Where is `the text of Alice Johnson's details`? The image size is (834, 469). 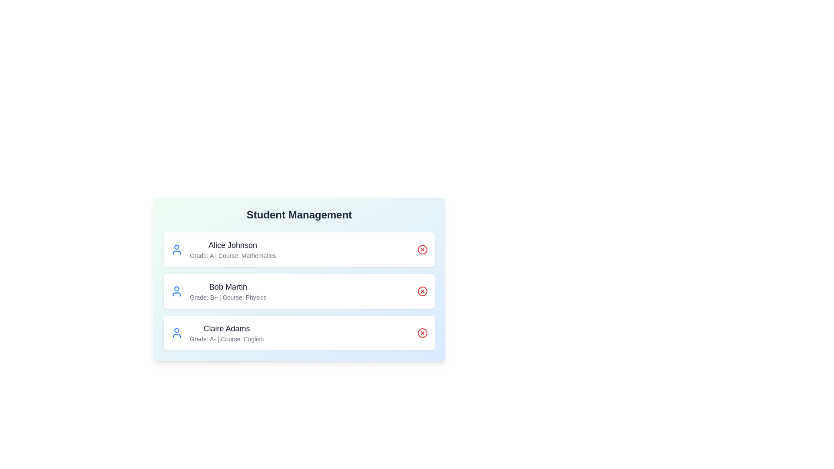
the text of Alice Johnson's details is located at coordinates (233, 245).